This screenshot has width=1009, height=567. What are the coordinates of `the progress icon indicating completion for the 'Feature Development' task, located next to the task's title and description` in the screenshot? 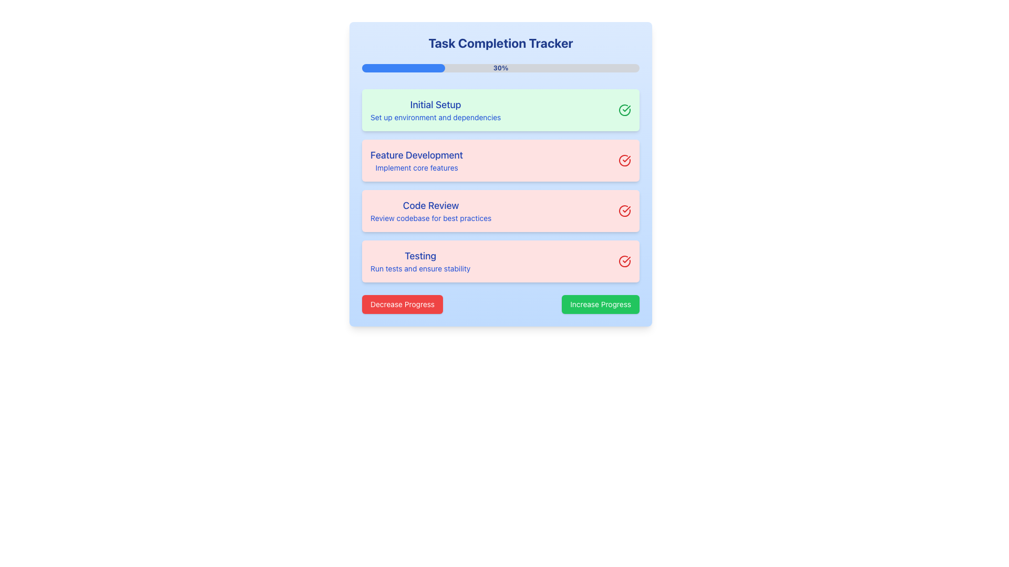 It's located at (625, 160).